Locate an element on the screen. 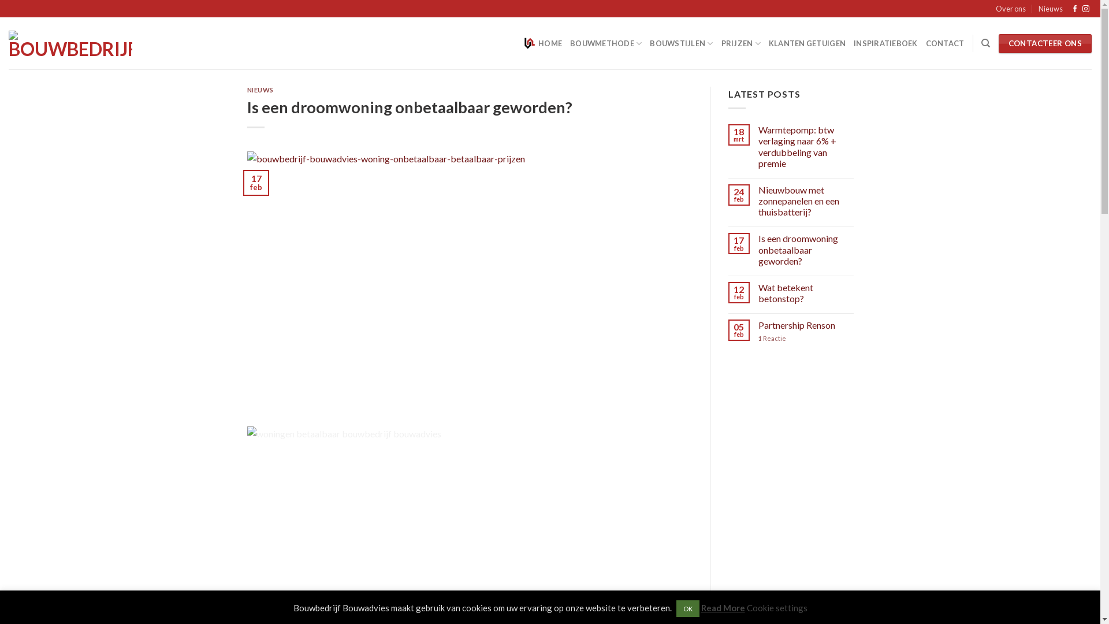 This screenshot has height=624, width=1109. 'Volg ons op Facebook' is located at coordinates (1074, 9).